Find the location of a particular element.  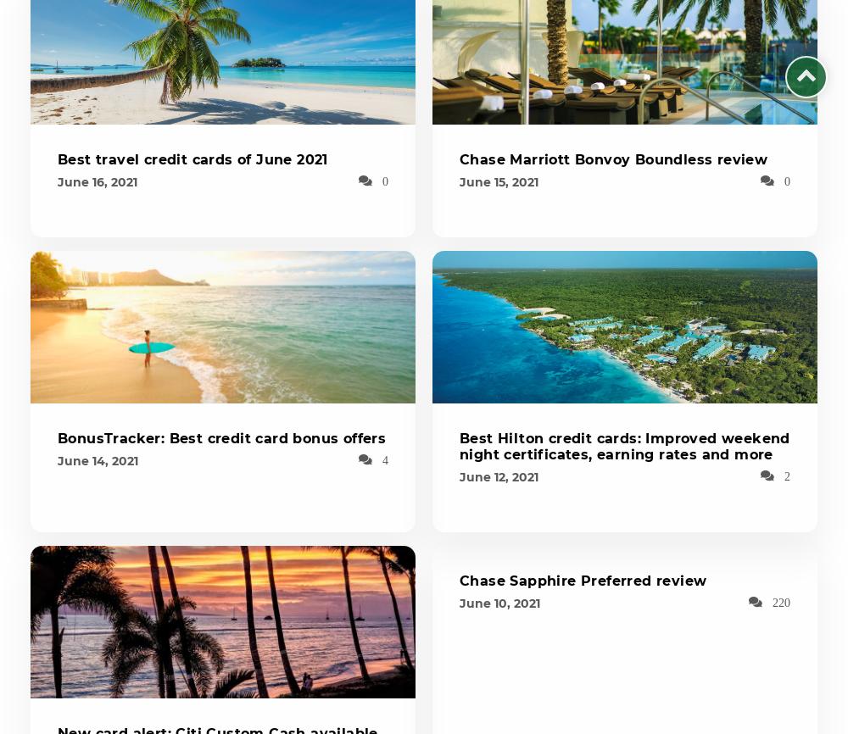

'June 10, 2021' is located at coordinates (499, 603).